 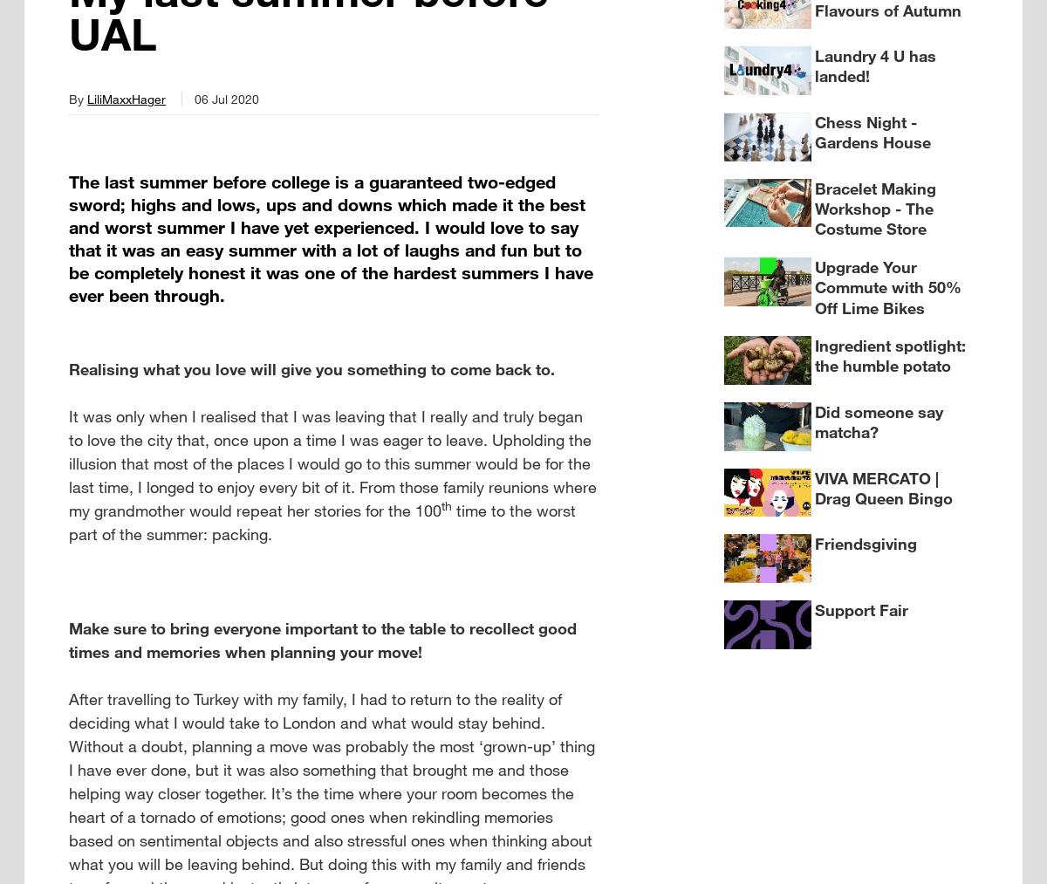 What do you see at coordinates (78, 98) in the screenshot?
I see `'By'` at bounding box center [78, 98].